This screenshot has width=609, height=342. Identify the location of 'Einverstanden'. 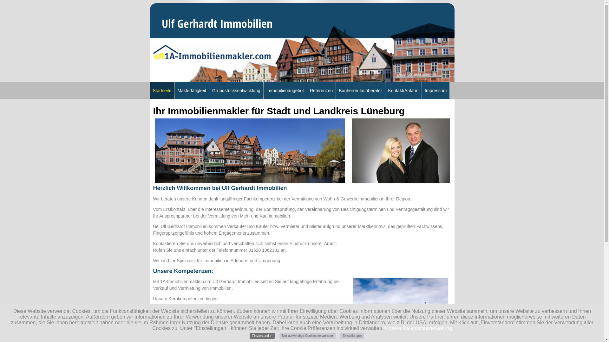
(262, 335).